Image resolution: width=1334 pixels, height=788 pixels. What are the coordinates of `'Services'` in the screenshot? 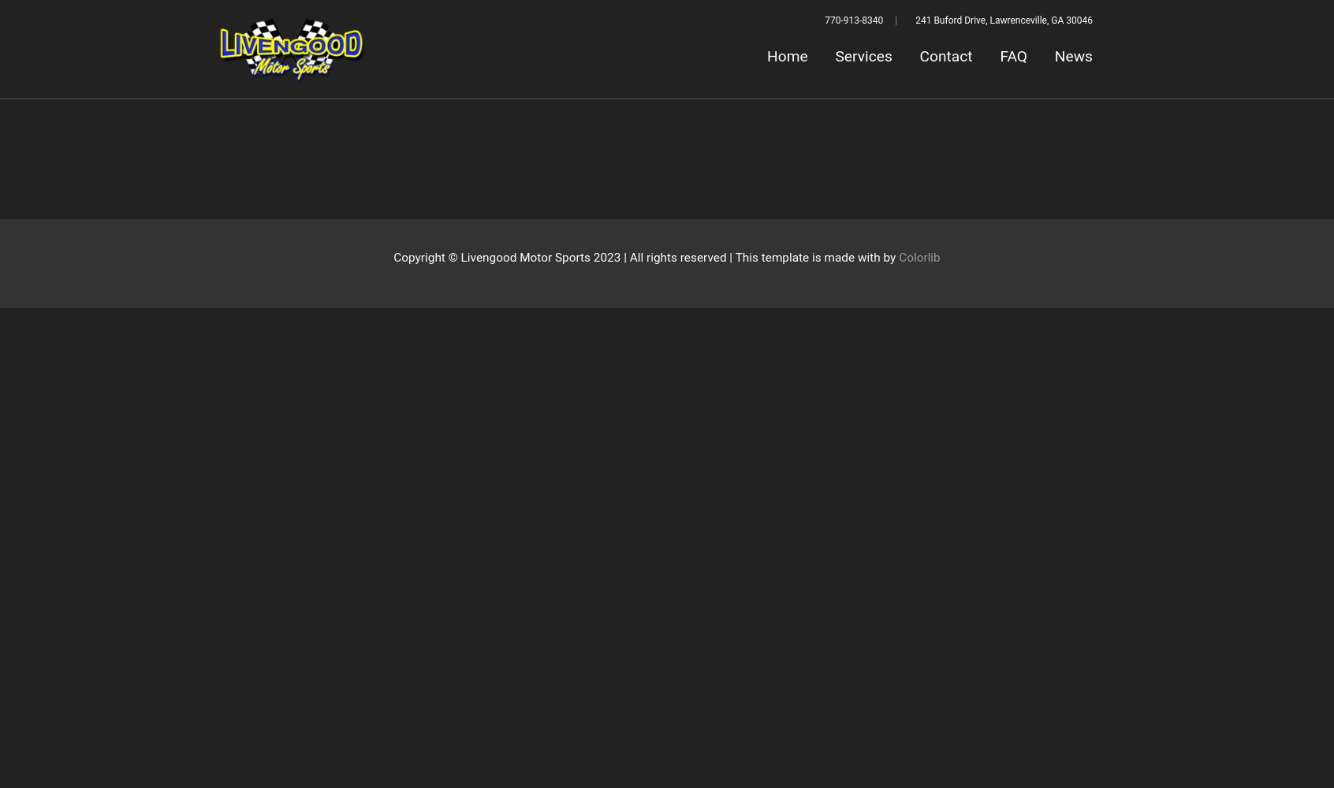 It's located at (863, 55).